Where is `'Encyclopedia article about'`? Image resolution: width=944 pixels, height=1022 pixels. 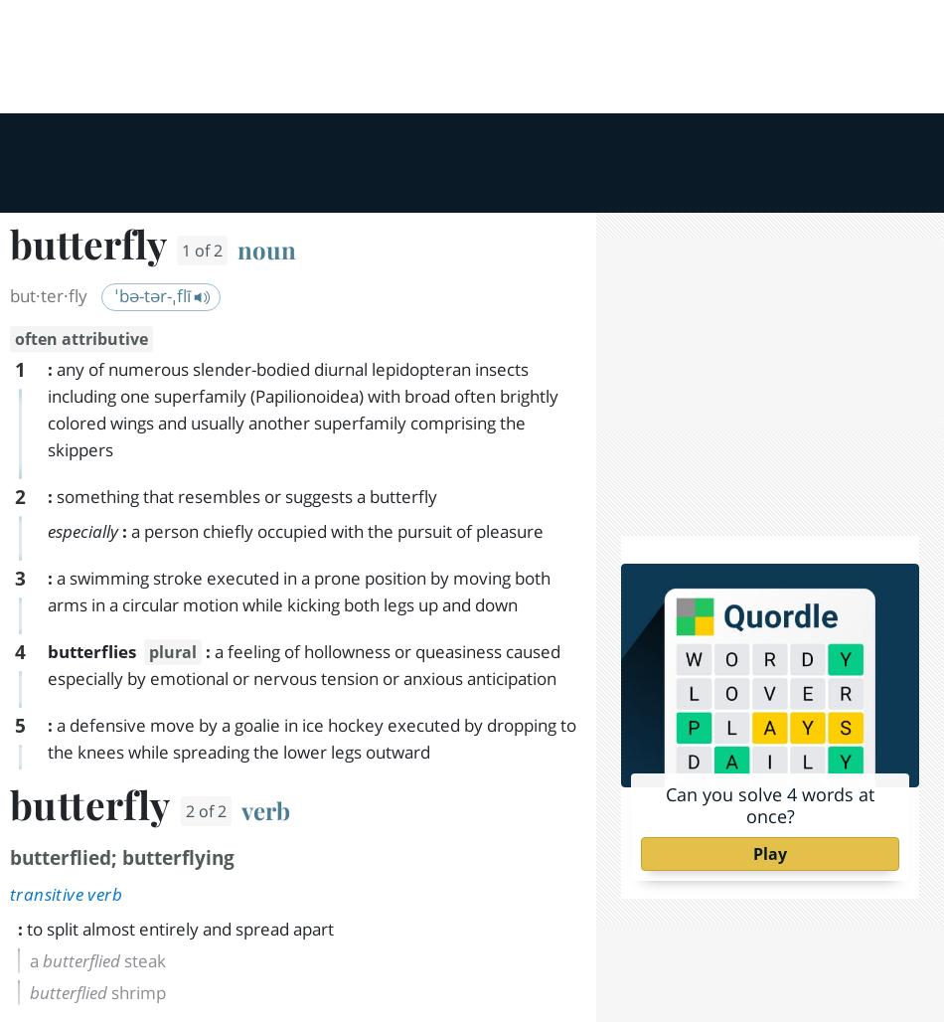 'Encyclopedia article about' is located at coordinates (257, 620).